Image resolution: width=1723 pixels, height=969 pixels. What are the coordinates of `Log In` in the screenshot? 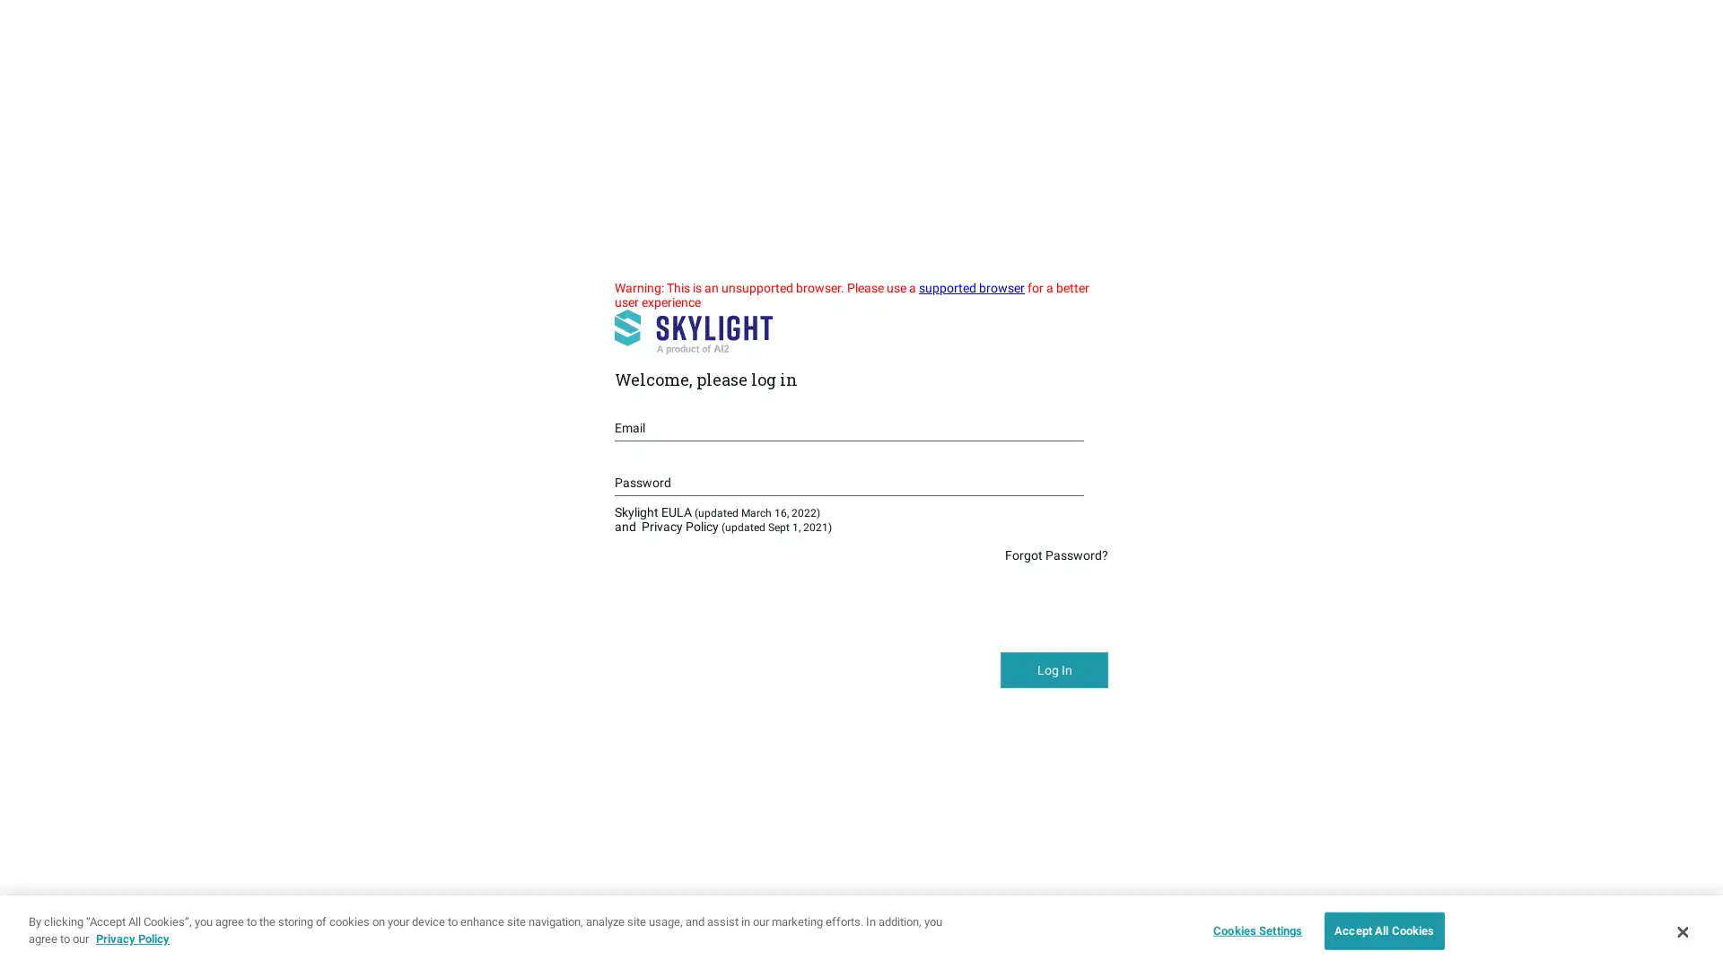 It's located at (1054, 670).